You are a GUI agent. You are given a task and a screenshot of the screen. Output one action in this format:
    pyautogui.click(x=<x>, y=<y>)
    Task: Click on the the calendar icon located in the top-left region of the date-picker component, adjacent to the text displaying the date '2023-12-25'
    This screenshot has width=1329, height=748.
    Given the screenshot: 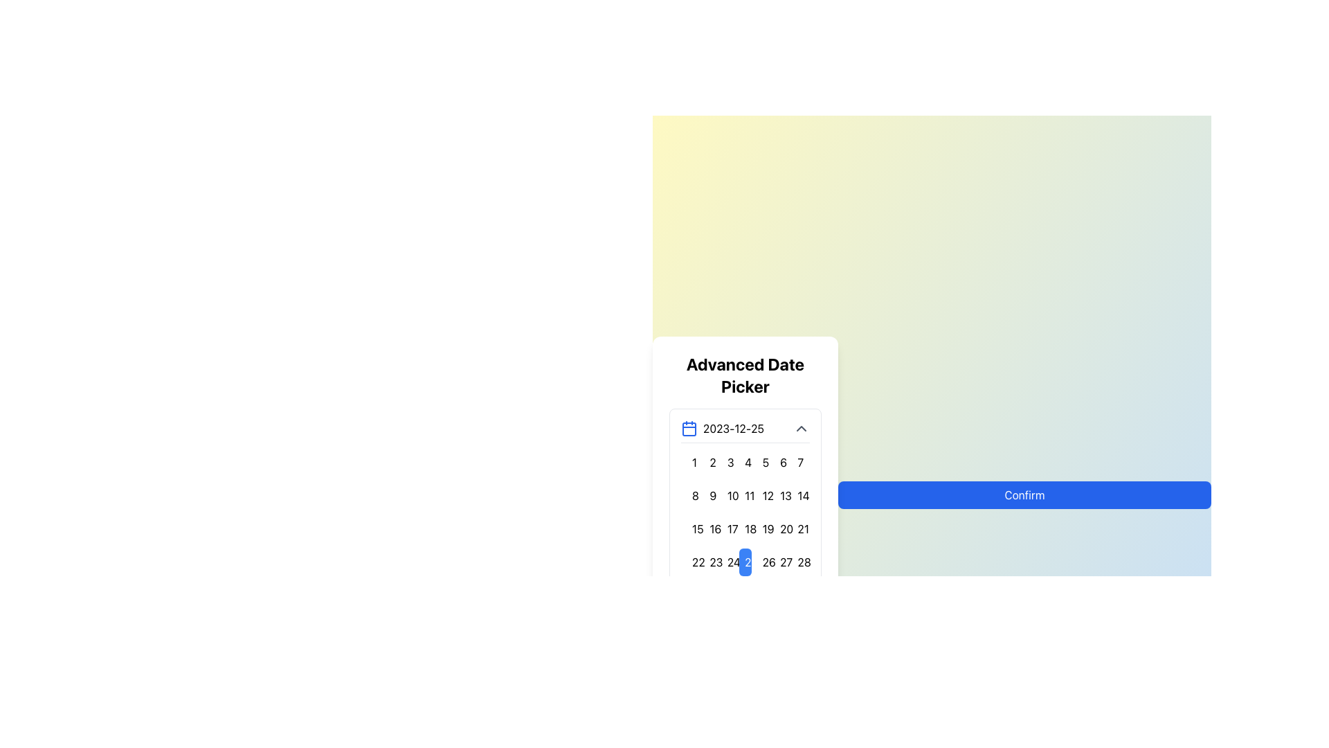 What is the action you would take?
    pyautogui.click(x=689, y=427)
    